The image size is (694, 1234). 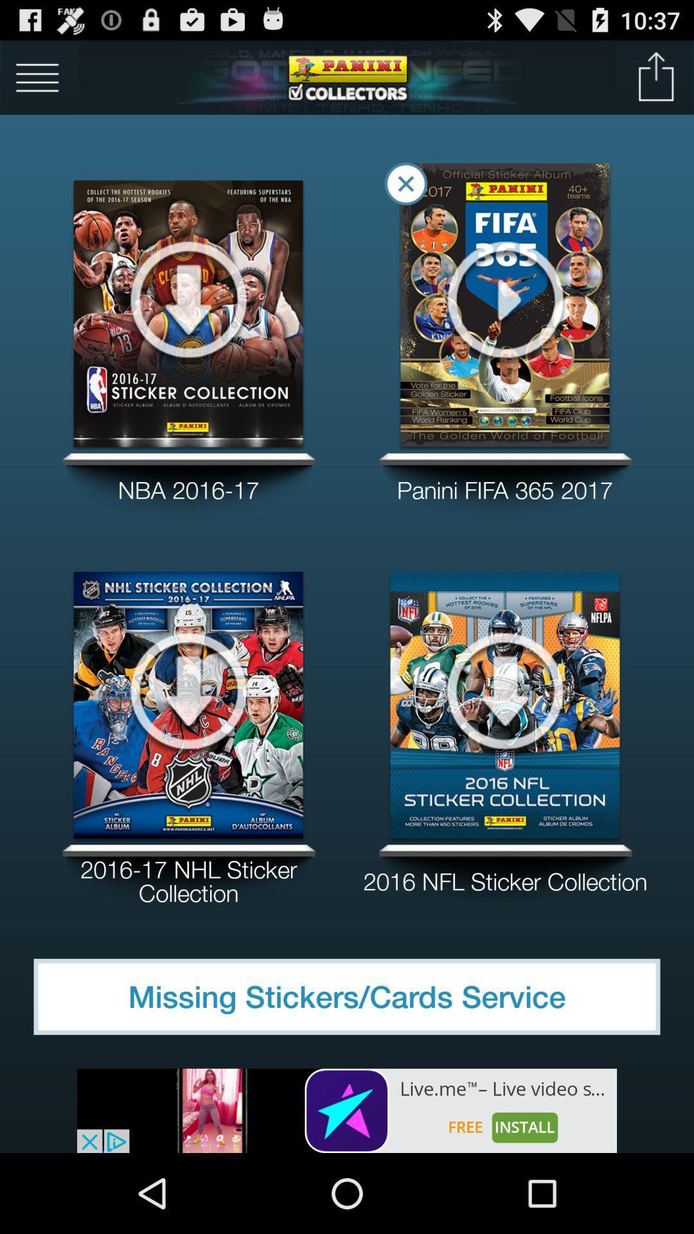 What do you see at coordinates (504, 319) in the screenshot?
I see `the play icon` at bounding box center [504, 319].